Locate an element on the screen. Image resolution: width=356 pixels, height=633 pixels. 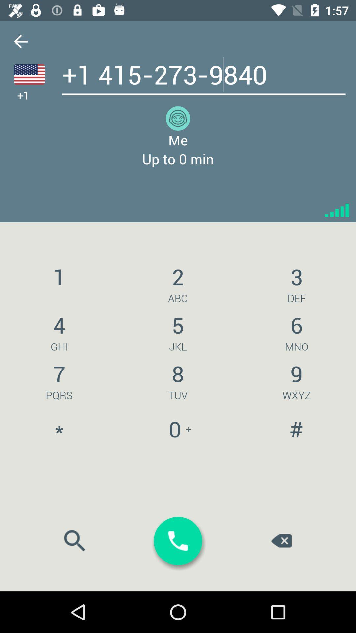
he can activate the simple voice command is located at coordinates (29, 74).